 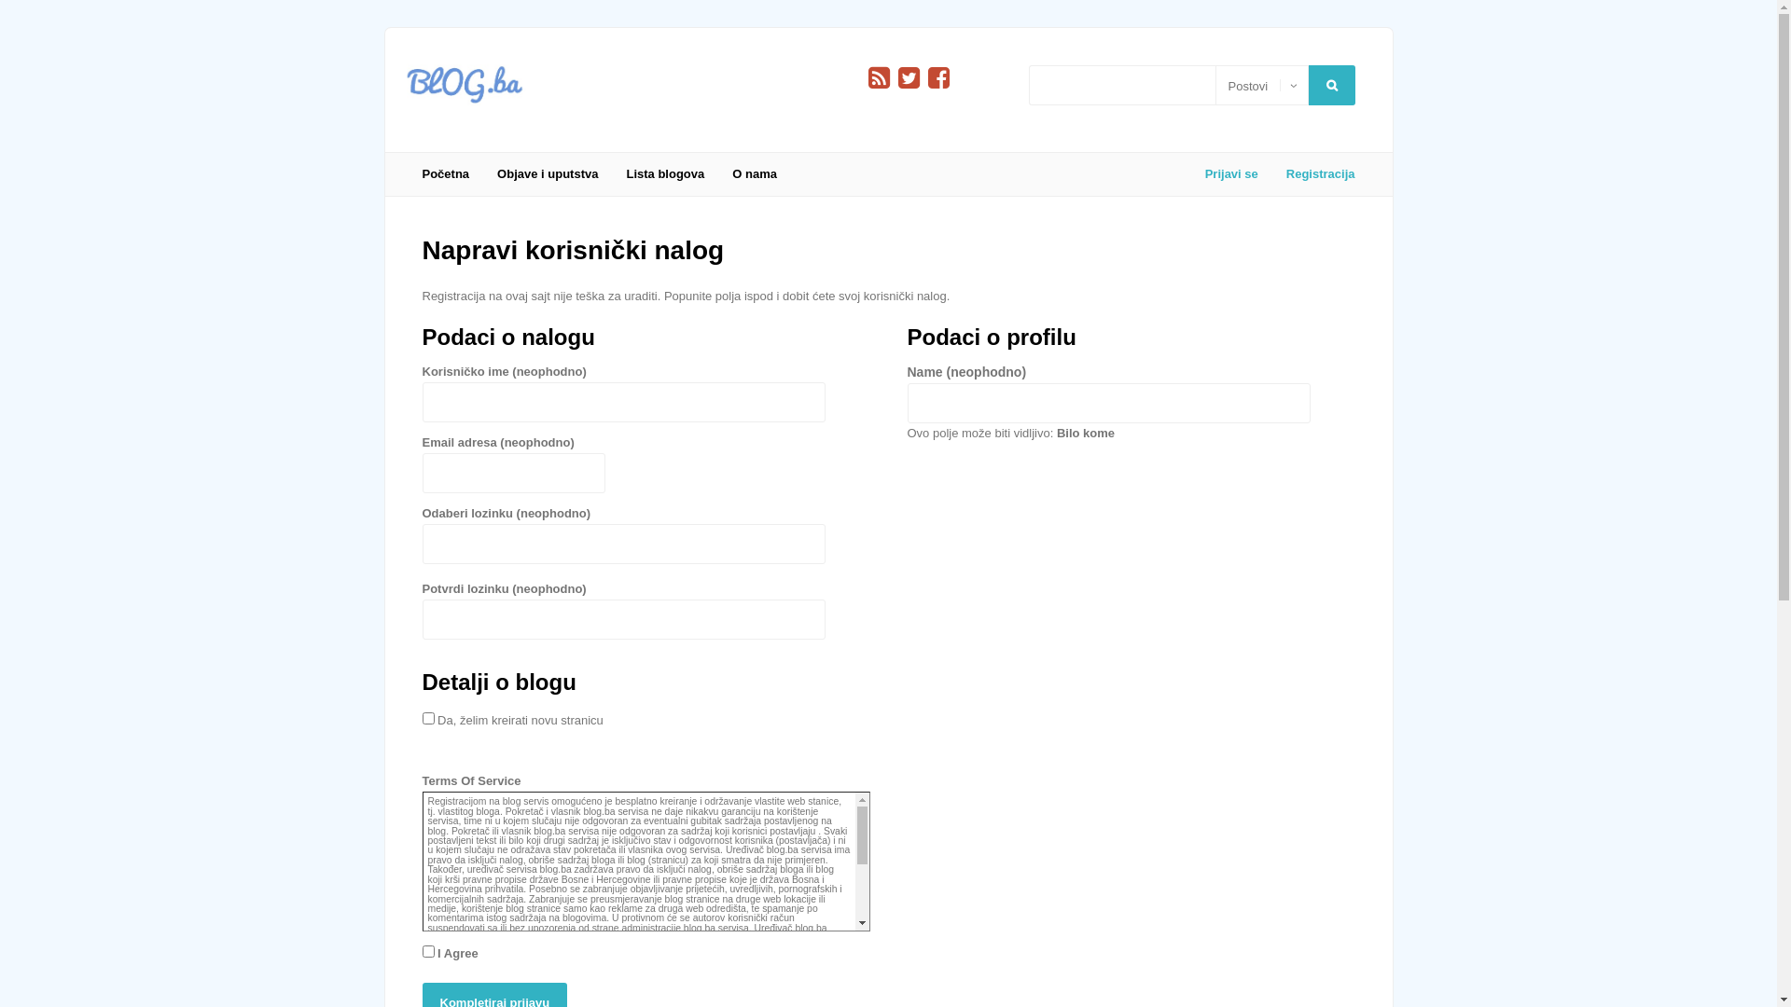 What do you see at coordinates (909, 76) in the screenshot?
I see `'Twitter'` at bounding box center [909, 76].